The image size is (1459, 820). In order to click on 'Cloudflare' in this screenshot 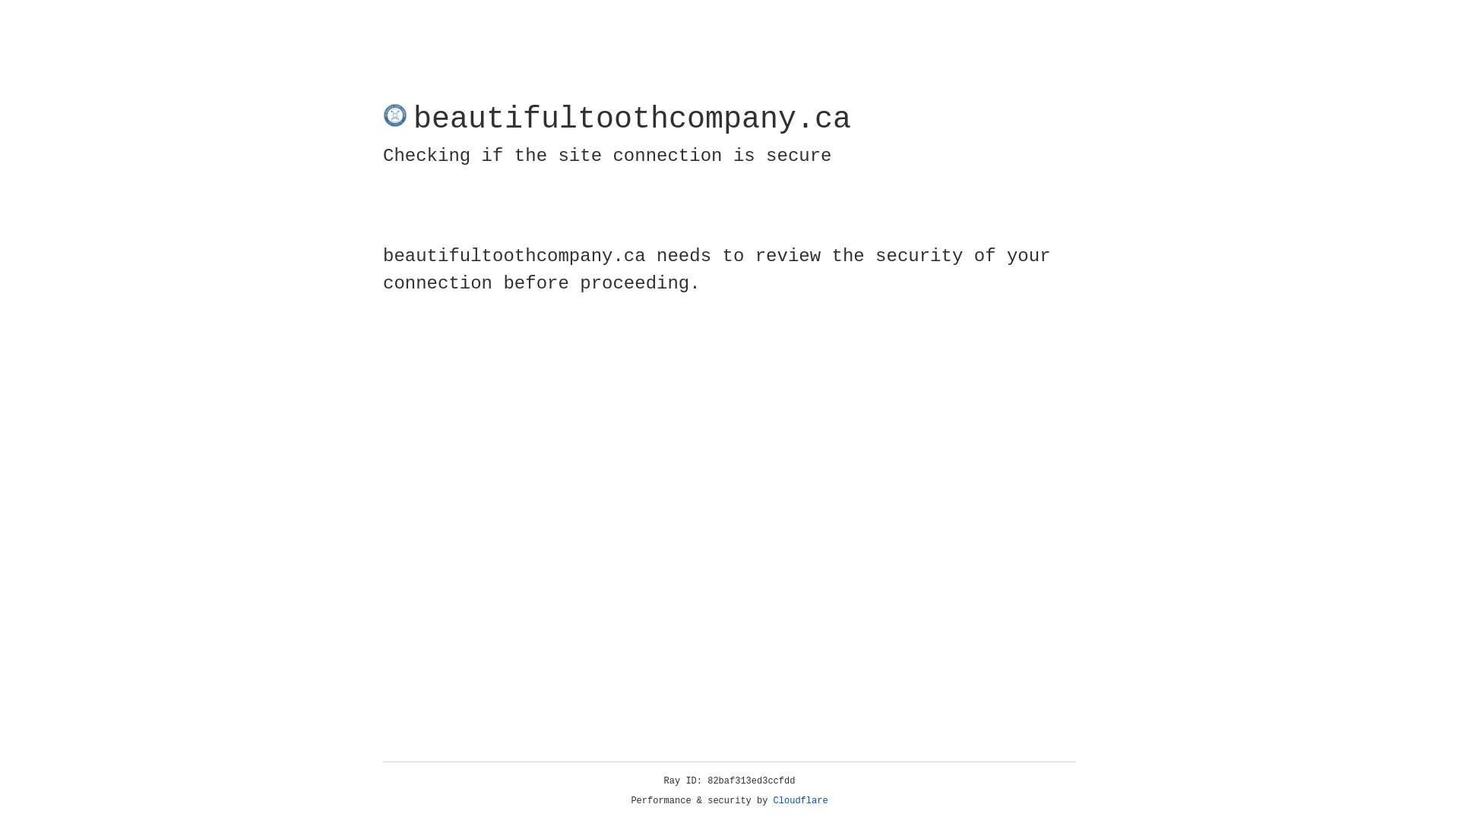, I will do `click(800, 800)`.